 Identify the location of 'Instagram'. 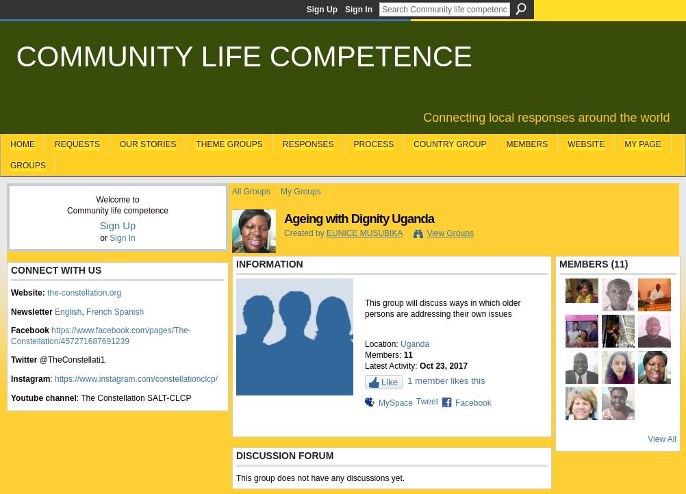
(30, 377).